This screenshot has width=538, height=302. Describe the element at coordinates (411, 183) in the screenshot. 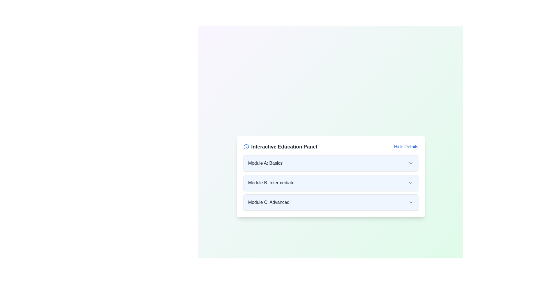

I see `the Dropdown toggle icon (SVG-based chevron) located at the top-right corner of the 'Module B: Intermediate' section` at that location.